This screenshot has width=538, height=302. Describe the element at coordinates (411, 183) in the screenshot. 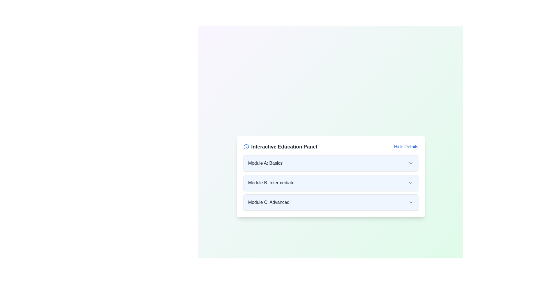

I see `the Dropdown toggle icon (SVG-based chevron) located at the top-right corner of the 'Module B: Intermediate' section` at that location.